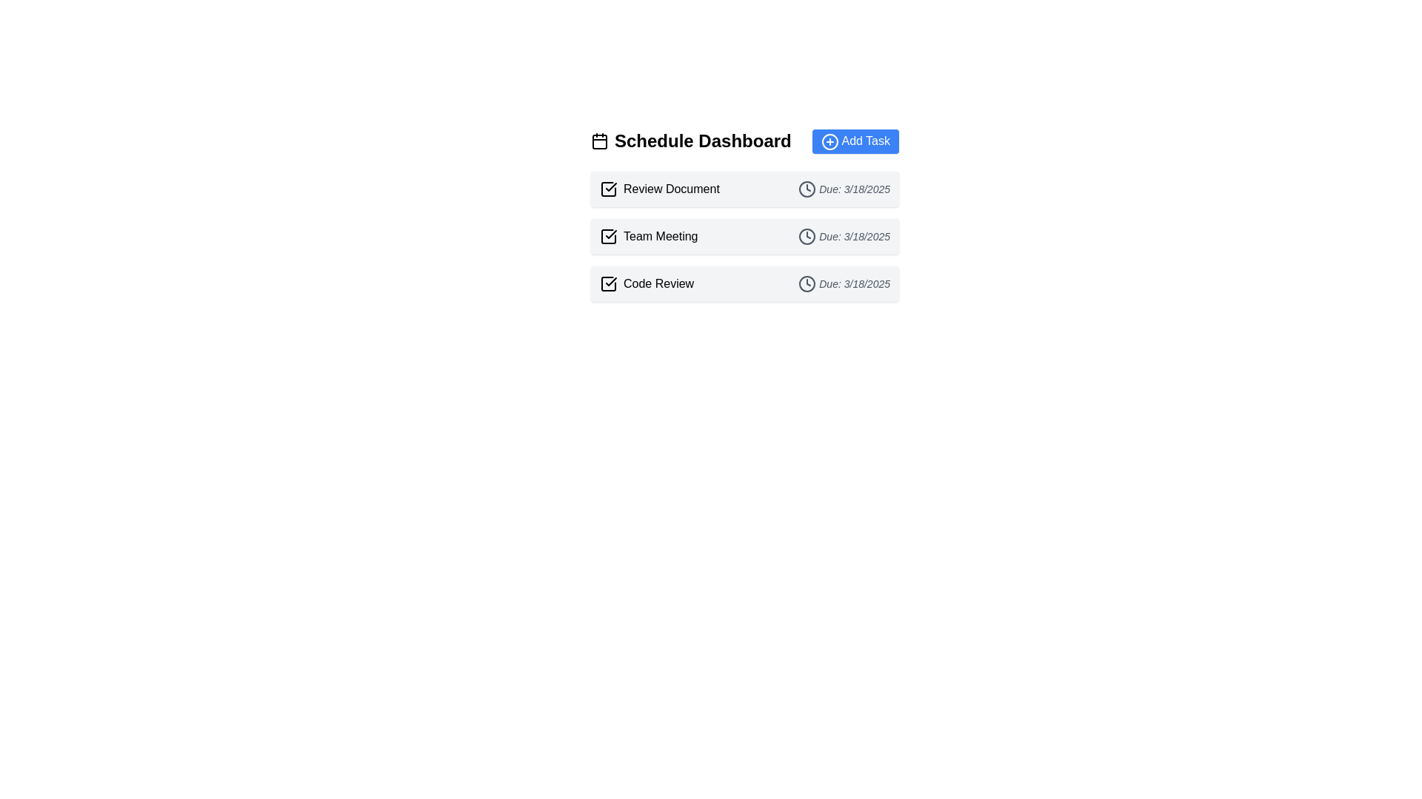  What do you see at coordinates (647, 283) in the screenshot?
I see `the List item representing a task in the Schedule Dashboard, located in the third row, adjacent to the checked square icon and left of 'Due: 3/18/2025'` at bounding box center [647, 283].